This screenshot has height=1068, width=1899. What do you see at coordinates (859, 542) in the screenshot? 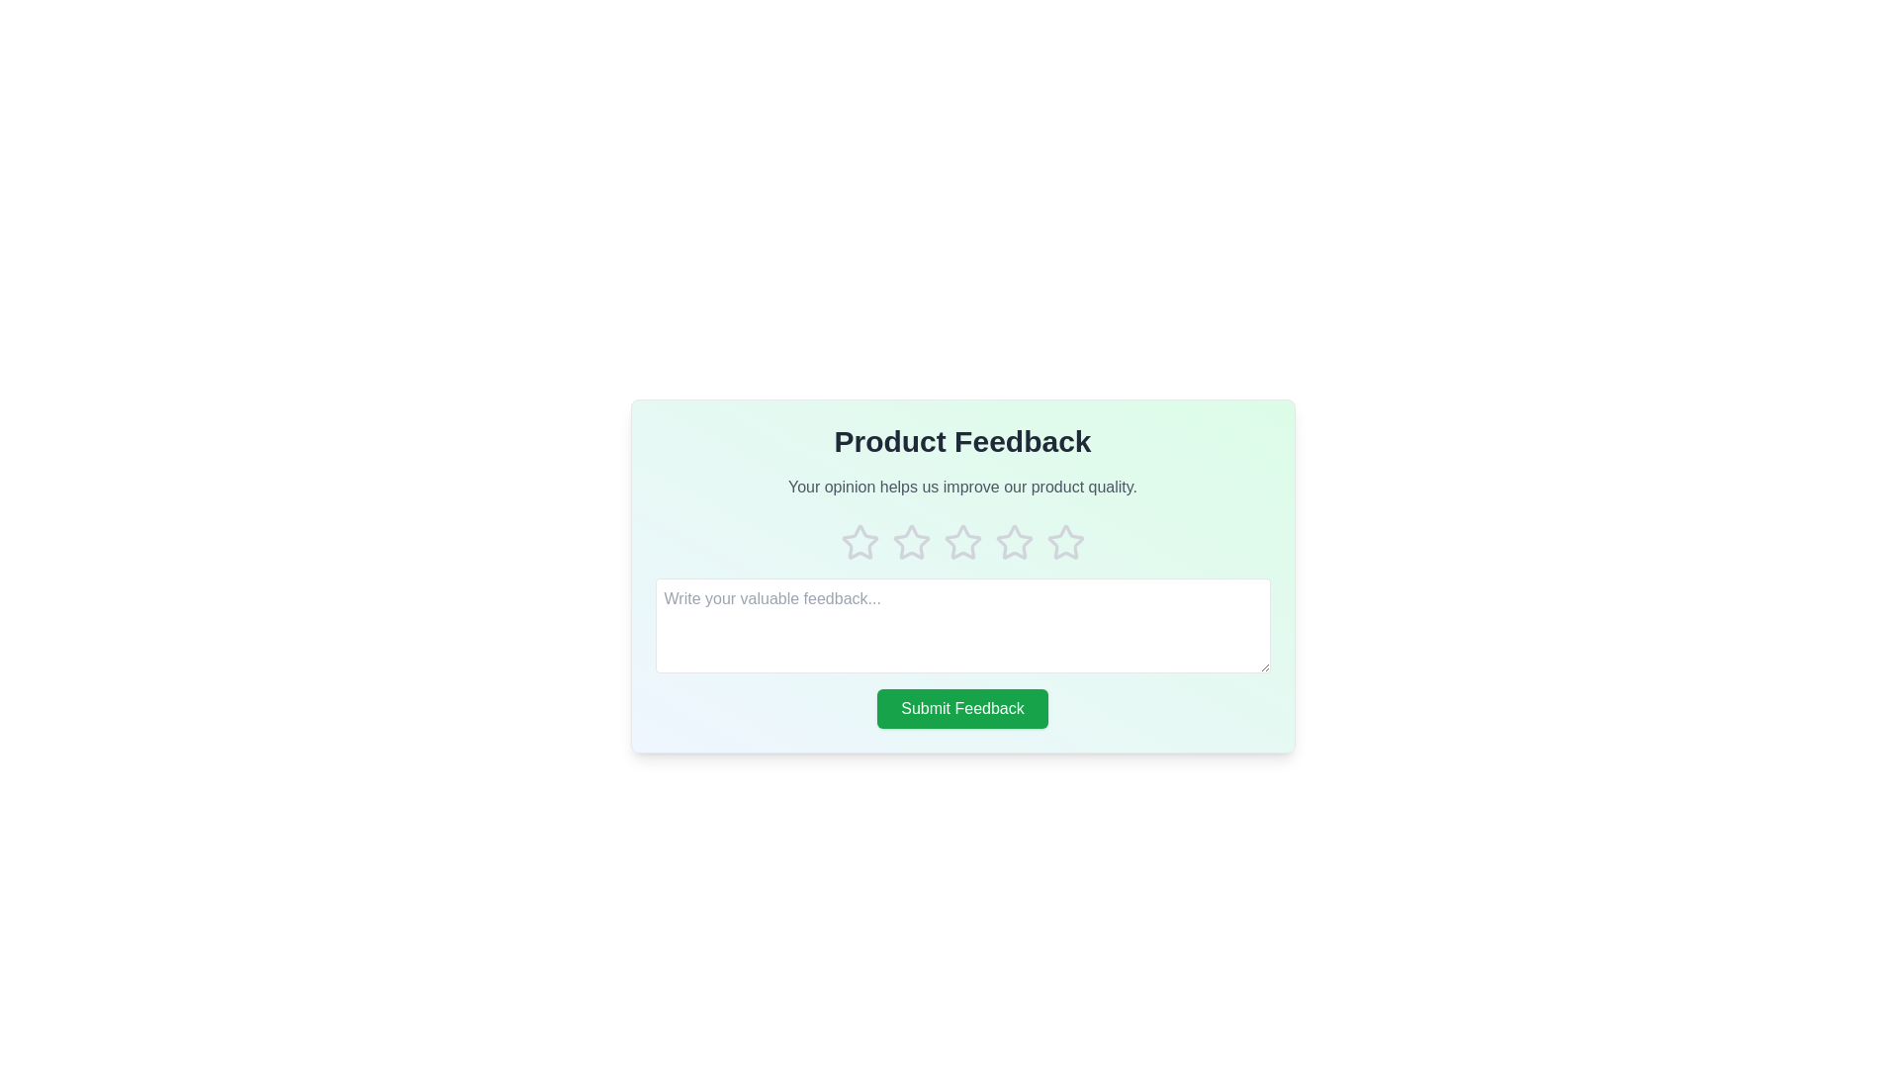
I see `the first star-shaped icon (Rating Star) in the feedback form` at bounding box center [859, 542].